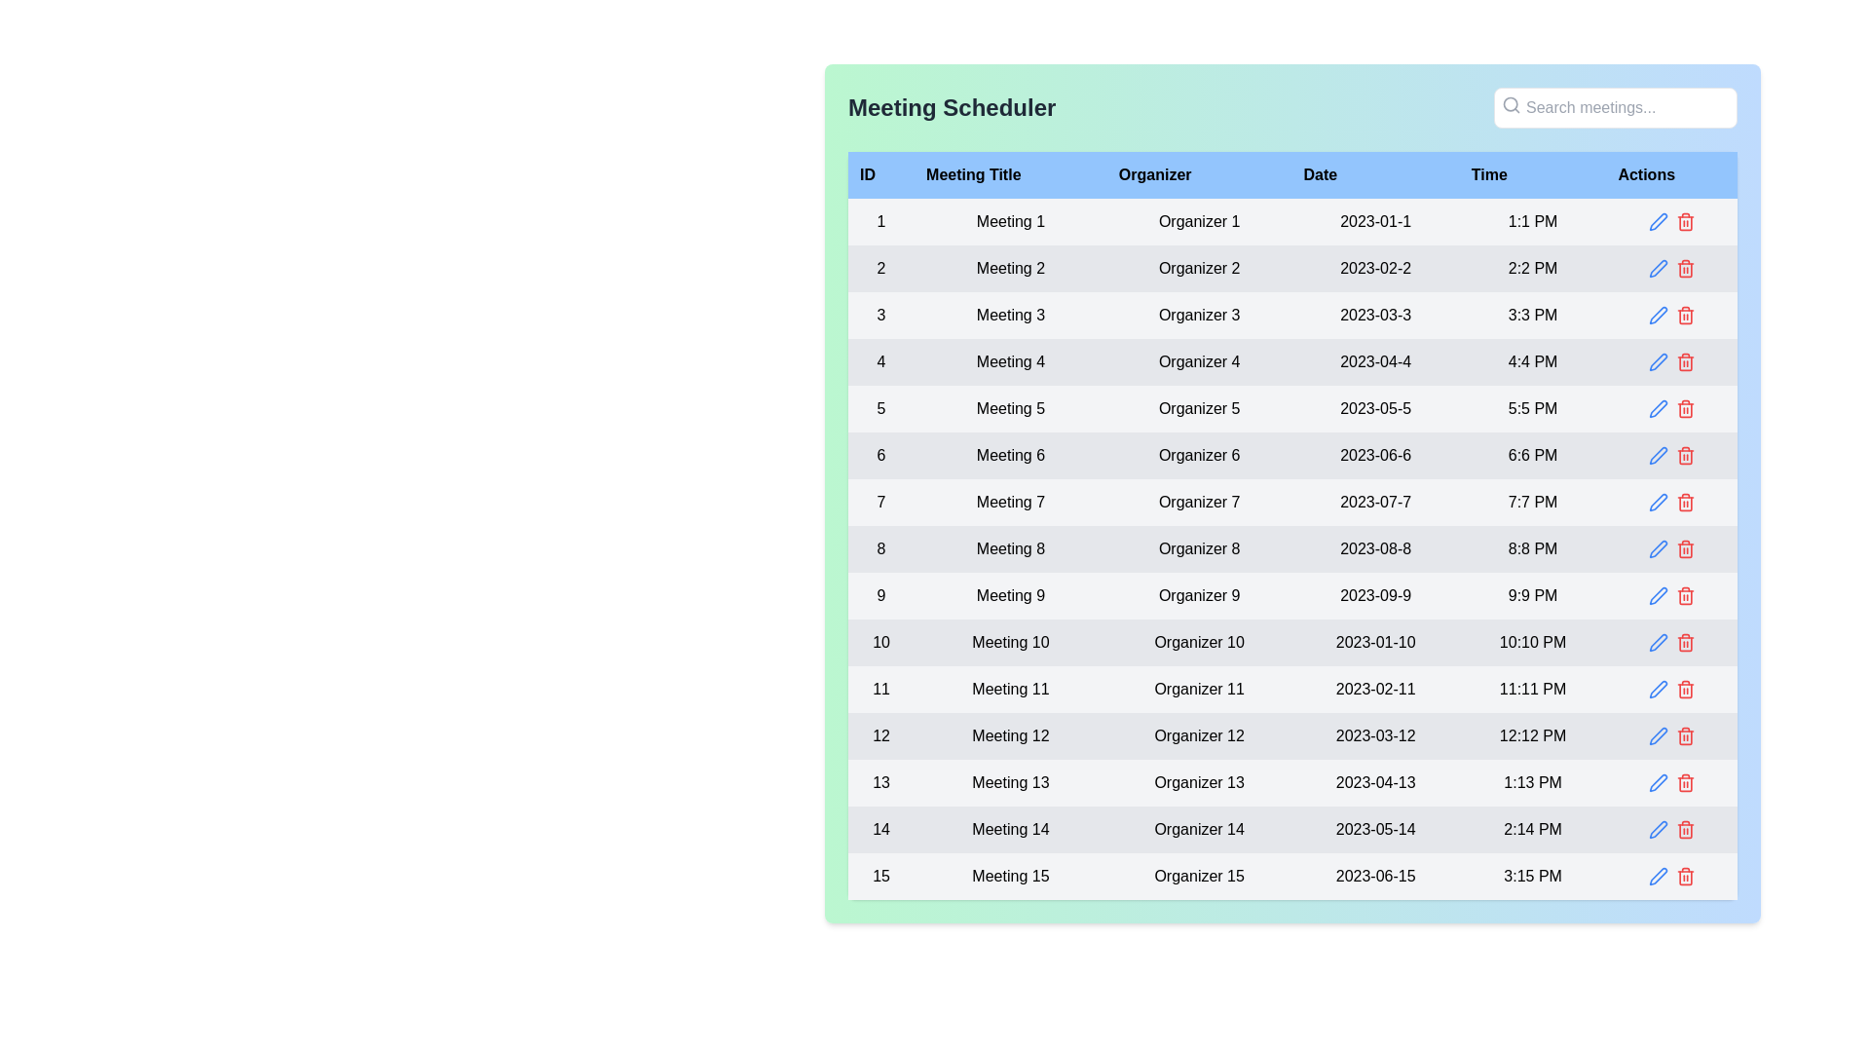 The height and width of the screenshot is (1052, 1870). What do you see at coordinates (1684, 689) in the screenshot?
I see `the delete icon button in the Actions column of the table for 'Meeting 11' to initiate the deletion process` at bounding box center [1684, 689].